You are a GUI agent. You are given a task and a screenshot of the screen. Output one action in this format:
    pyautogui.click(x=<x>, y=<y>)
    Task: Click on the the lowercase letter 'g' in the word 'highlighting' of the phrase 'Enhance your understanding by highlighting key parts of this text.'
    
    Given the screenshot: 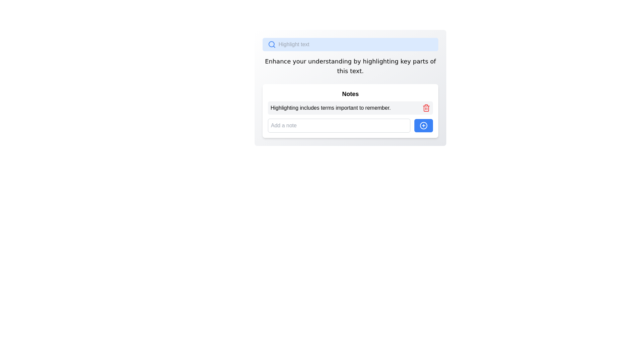 What is the action you would take?
    pyautogui.click(x=370, y=61)
    